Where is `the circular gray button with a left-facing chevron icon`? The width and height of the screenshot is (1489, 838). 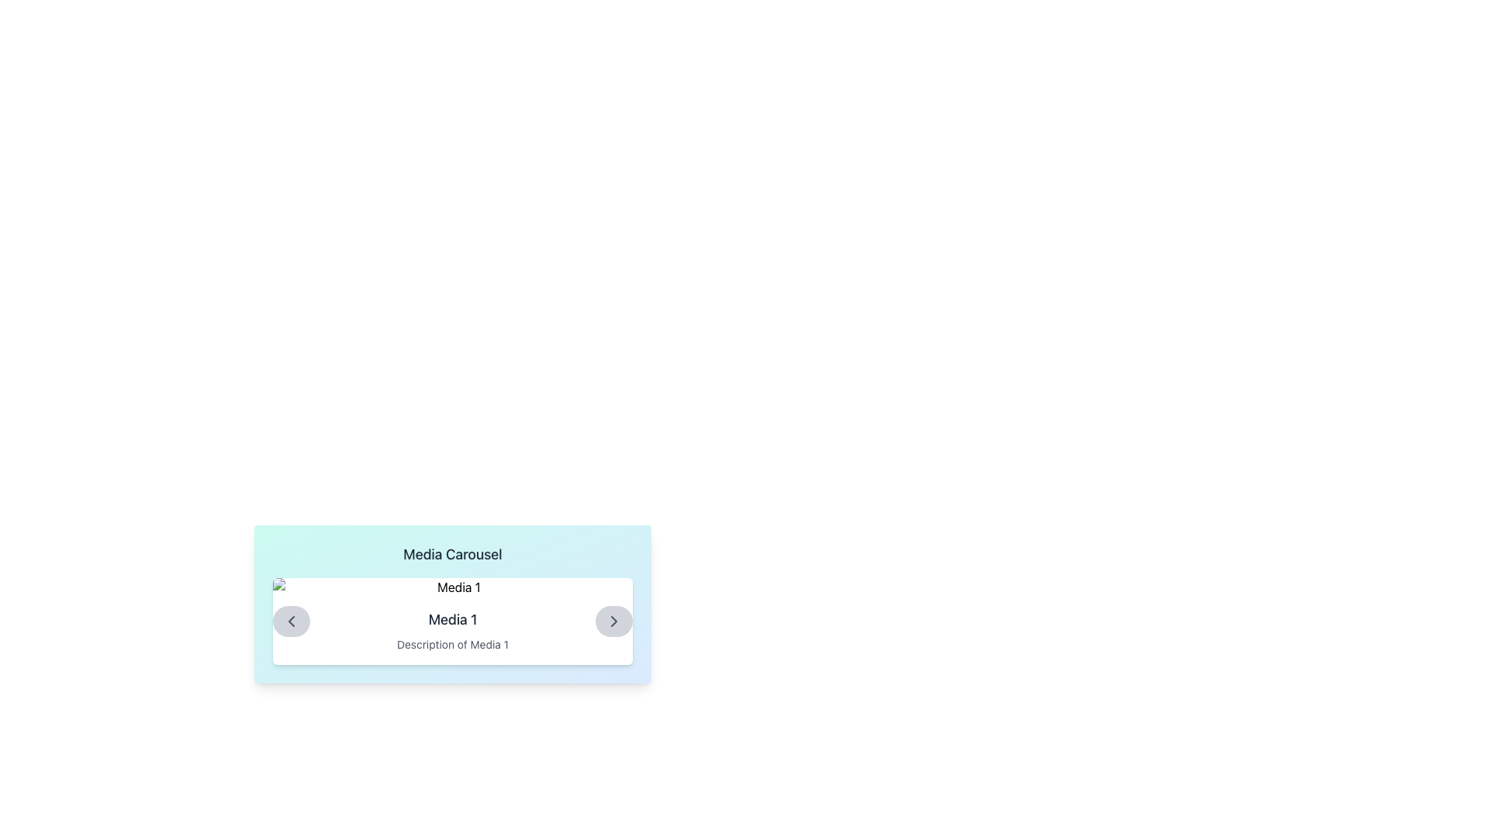 the circular gray button with a left-facing chevron icon is located at coordinates (291, 621).